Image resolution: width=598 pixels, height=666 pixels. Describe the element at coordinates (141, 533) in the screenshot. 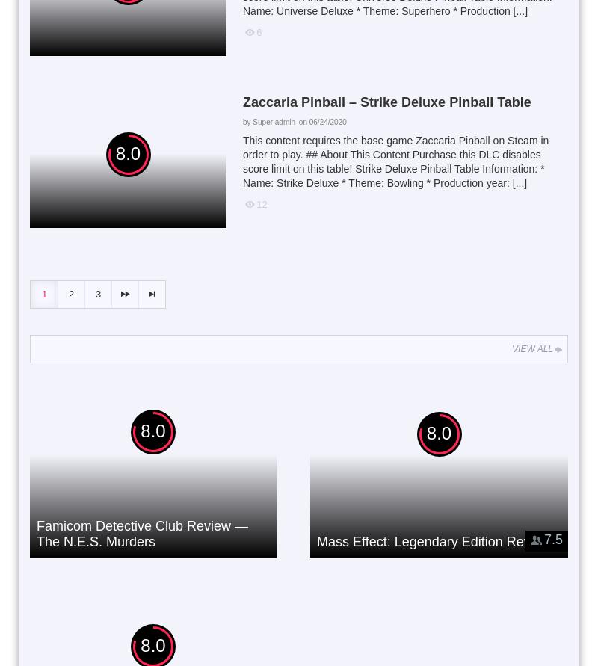

I see `'Famicom Detective Club Review — The N.E.S. Murders'` at that location.